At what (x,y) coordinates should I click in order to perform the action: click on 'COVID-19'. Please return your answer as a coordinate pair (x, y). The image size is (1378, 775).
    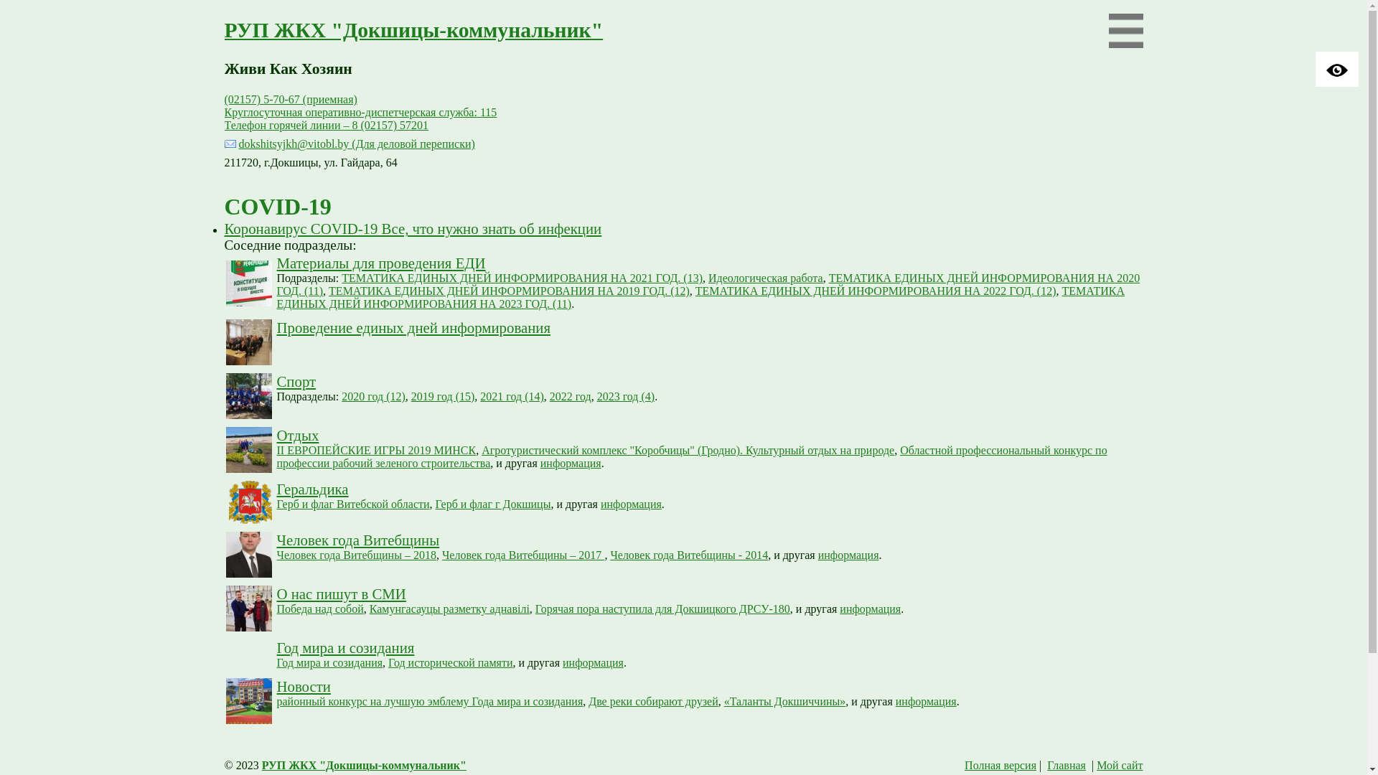
    Looking at the image, I should click on (277, 207).